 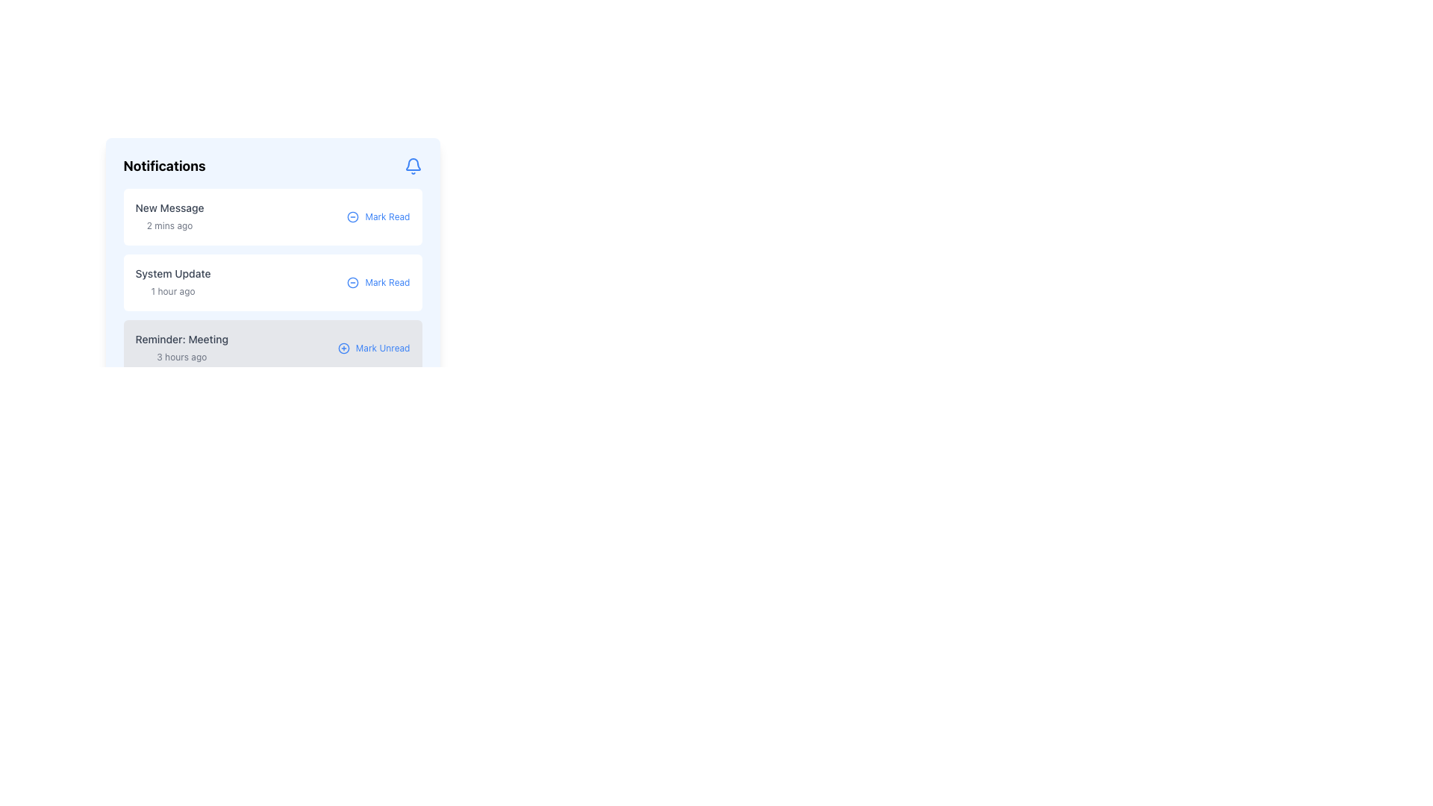 What do you see at coordinates (383, 348) in the screenshot?
I see `text label indicating the action to mark the associated notification as unread, located in the notification section within the third list item labeled 'Reminder: Meeting'` at bounding box center [383, 348].